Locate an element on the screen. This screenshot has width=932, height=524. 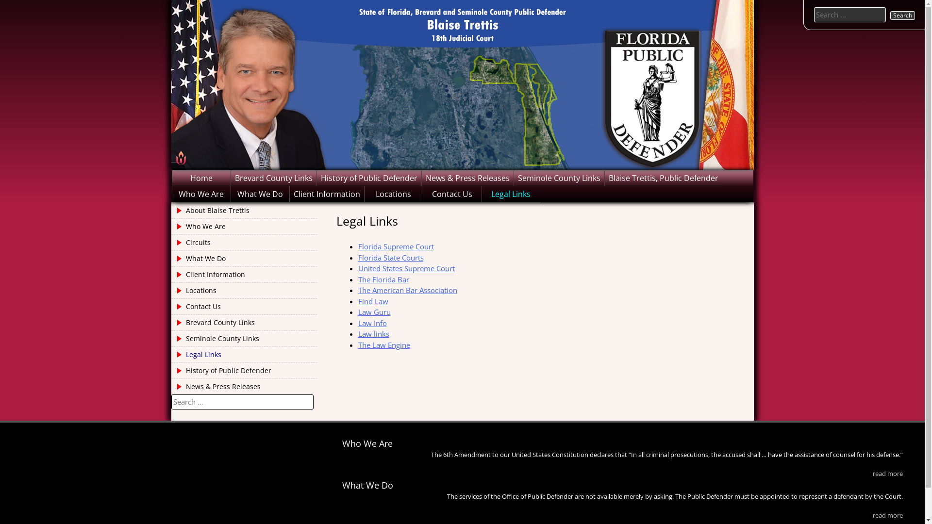
'United States Supreme Court' is located at coordinates (406, 268).